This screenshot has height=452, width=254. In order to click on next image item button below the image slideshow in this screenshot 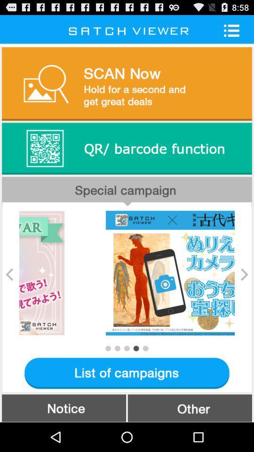, I will do `click(146, 347)`.